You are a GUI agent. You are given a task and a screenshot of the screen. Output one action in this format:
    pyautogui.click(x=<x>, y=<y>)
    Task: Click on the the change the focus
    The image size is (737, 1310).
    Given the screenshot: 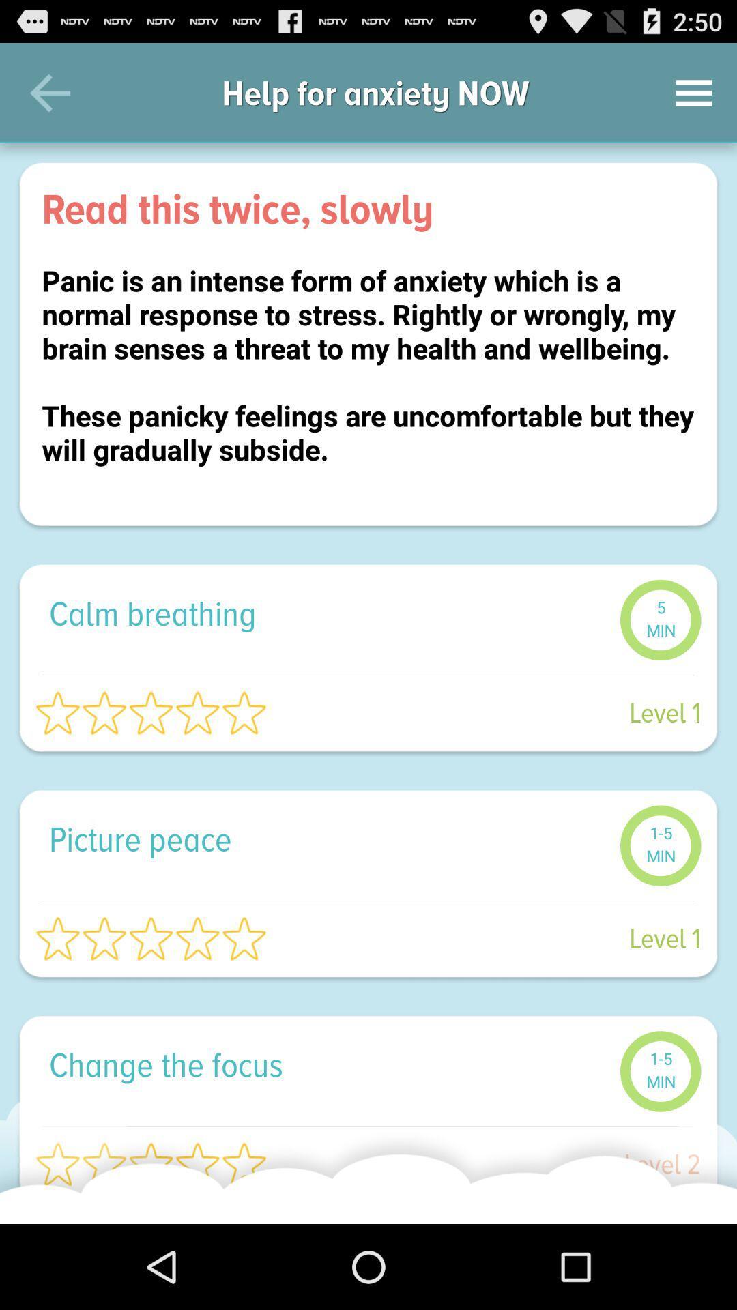 What is the action you would take?
    pyautogui.click(x=327, y=1064)
    